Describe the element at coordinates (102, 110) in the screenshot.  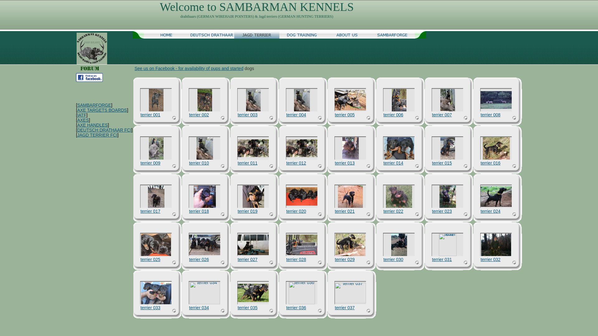
I see `'AXE TARGETS BOARDS'` at that location.